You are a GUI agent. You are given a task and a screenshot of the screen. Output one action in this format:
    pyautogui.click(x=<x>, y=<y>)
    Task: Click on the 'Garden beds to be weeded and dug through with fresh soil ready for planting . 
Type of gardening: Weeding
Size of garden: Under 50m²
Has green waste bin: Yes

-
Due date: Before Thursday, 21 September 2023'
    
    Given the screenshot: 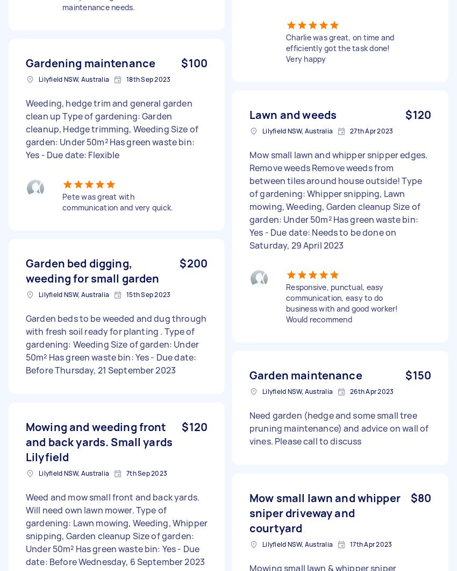 What is the action you would take?
    pyautogui.click(x=26, y=343)
    